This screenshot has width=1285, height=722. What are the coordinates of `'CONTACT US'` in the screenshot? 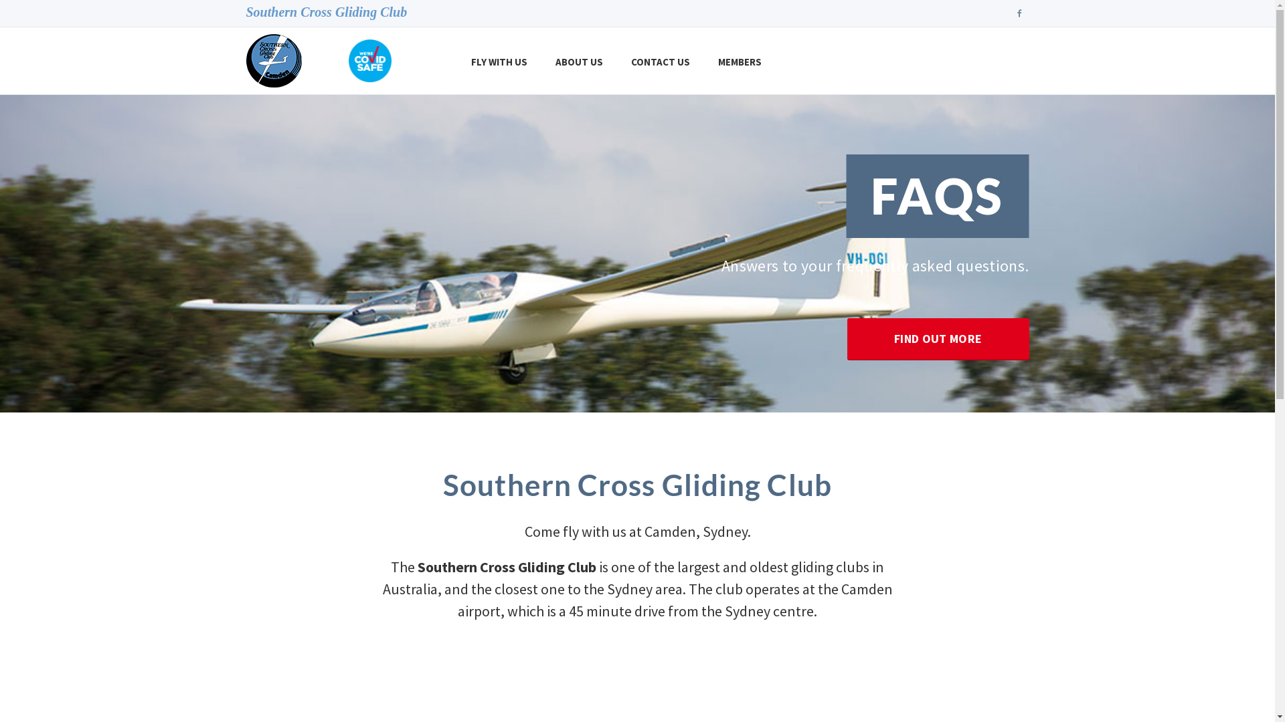 It's located at (661, 61).